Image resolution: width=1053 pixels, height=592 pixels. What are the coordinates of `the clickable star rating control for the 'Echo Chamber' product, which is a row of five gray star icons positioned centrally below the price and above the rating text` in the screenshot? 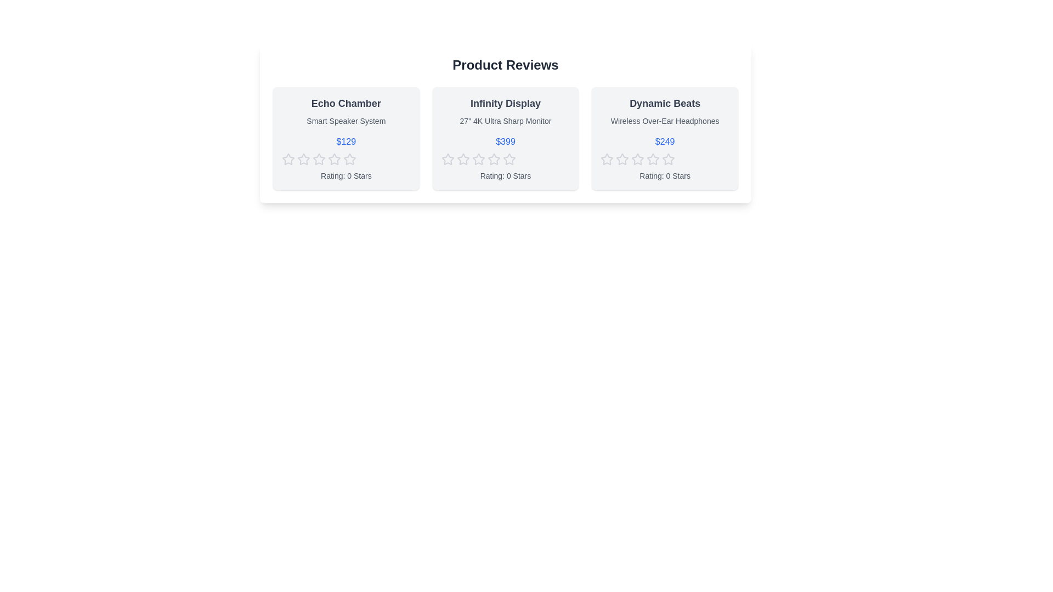 It's located at (346, 159).